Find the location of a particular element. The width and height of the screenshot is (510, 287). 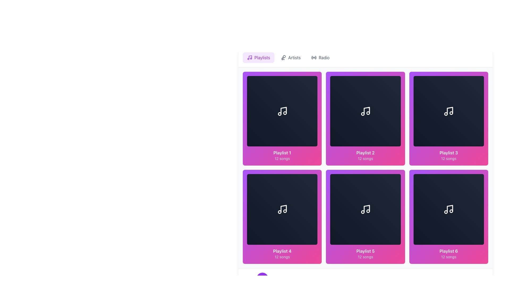

the musical note icon with a white outline on a dark background, located in the center of the fourth card in the second row of the grid layout is located at coordinates (282, 209).